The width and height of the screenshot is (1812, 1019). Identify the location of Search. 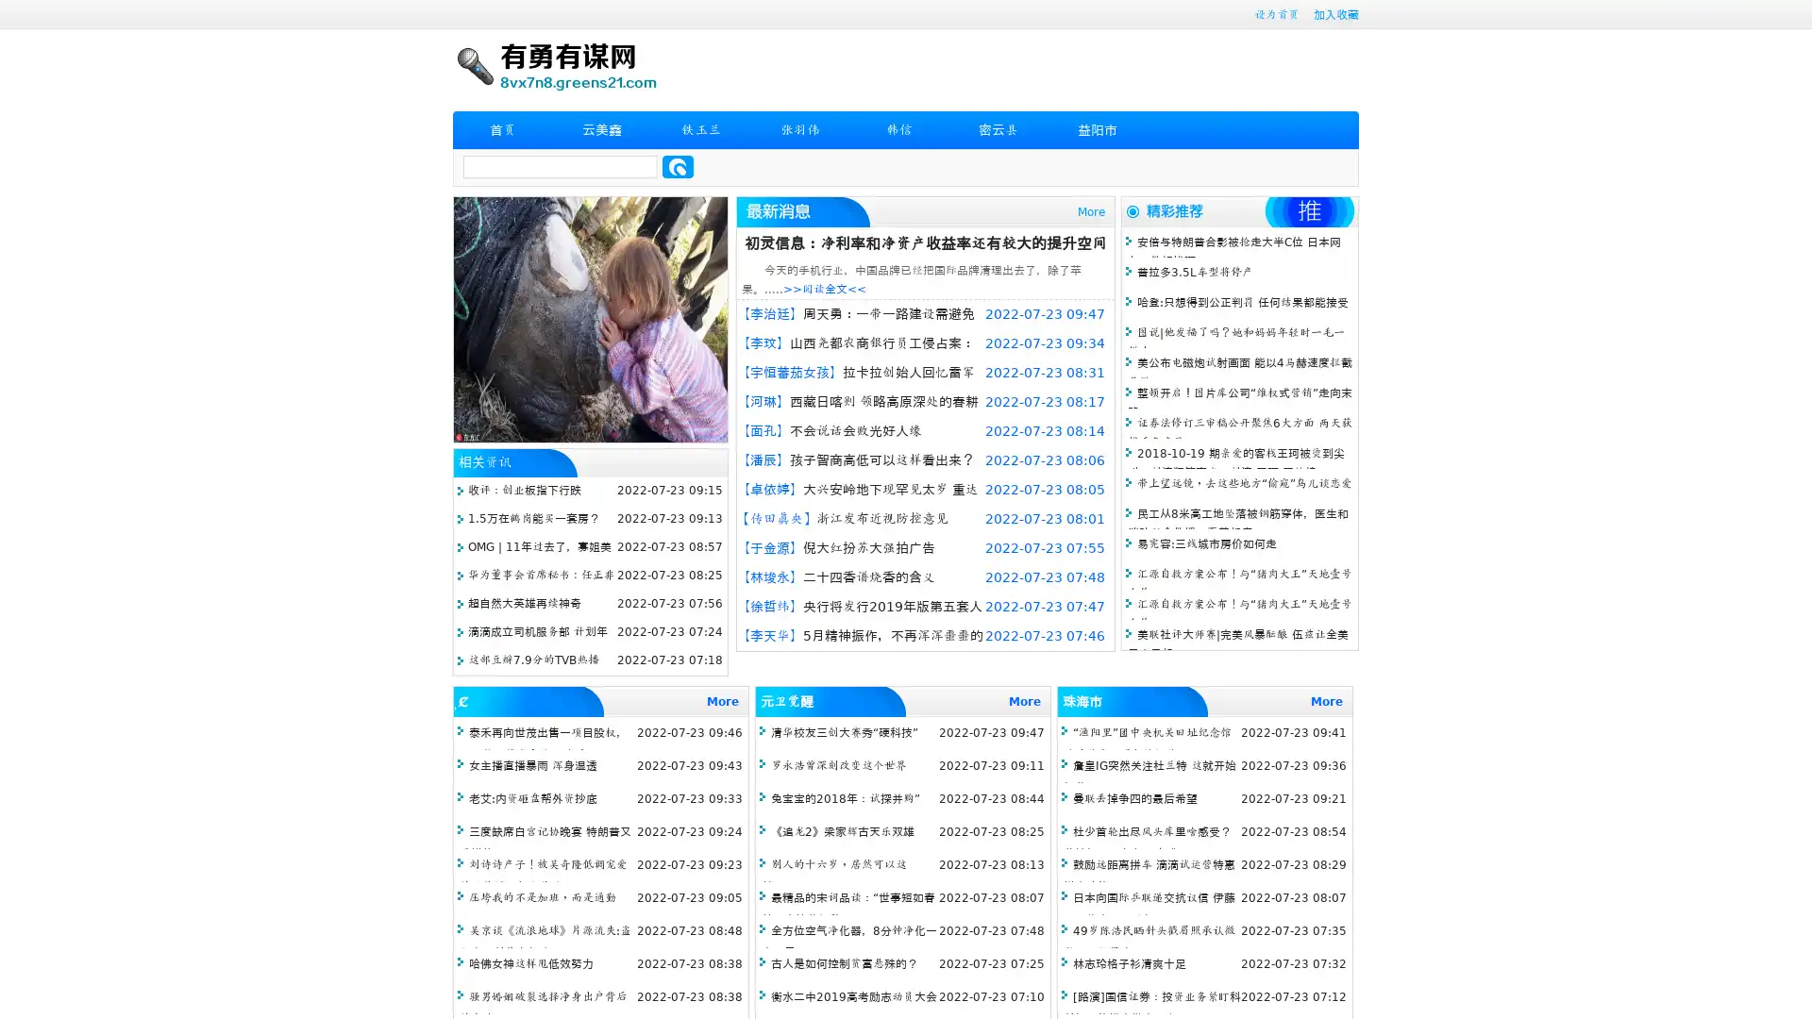
(678, 166).